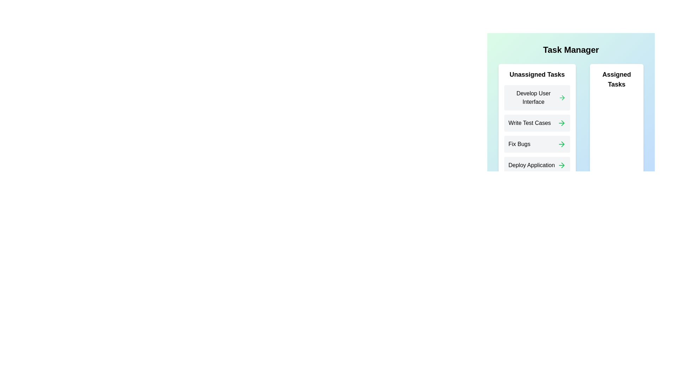 Image resolution: width=677 pixels, height=380 pixels. I want to click on the 'Assign Task' arrow for the 'Develop User Interface' task, so click(562, 97).